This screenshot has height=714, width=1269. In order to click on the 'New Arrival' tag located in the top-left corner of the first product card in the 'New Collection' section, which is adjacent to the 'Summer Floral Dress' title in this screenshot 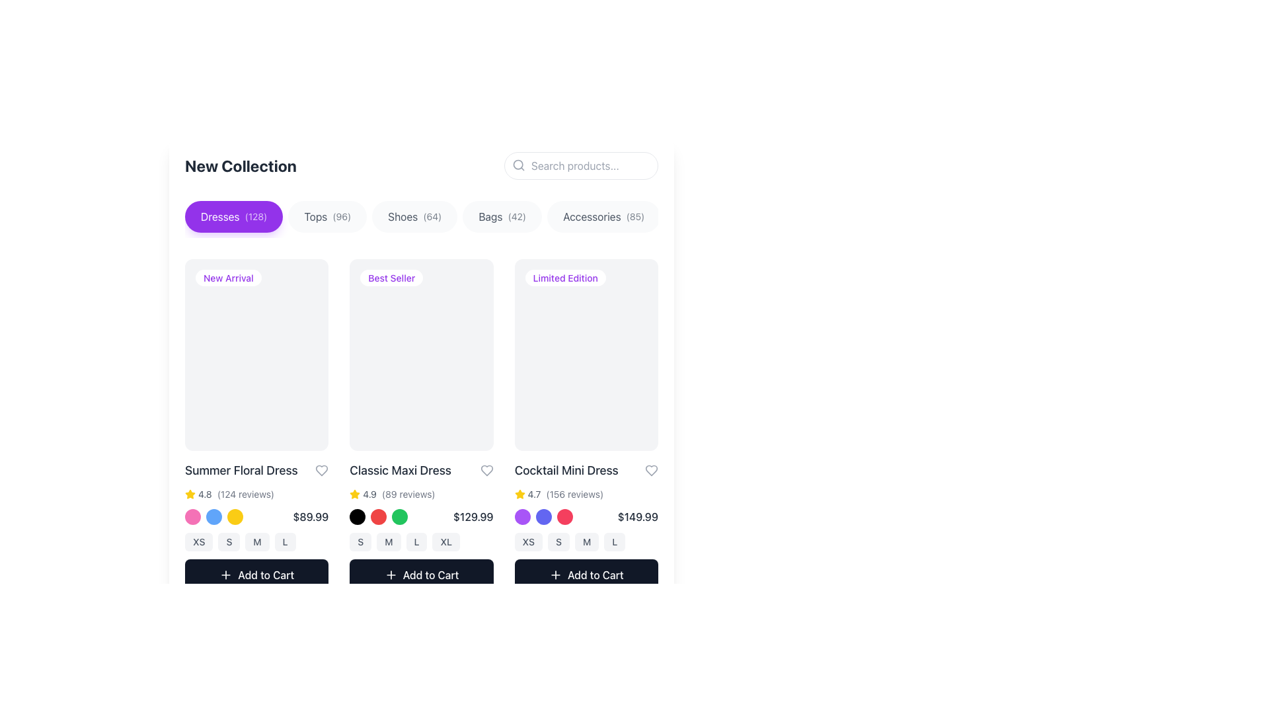, I will do `click(228, 277)`.